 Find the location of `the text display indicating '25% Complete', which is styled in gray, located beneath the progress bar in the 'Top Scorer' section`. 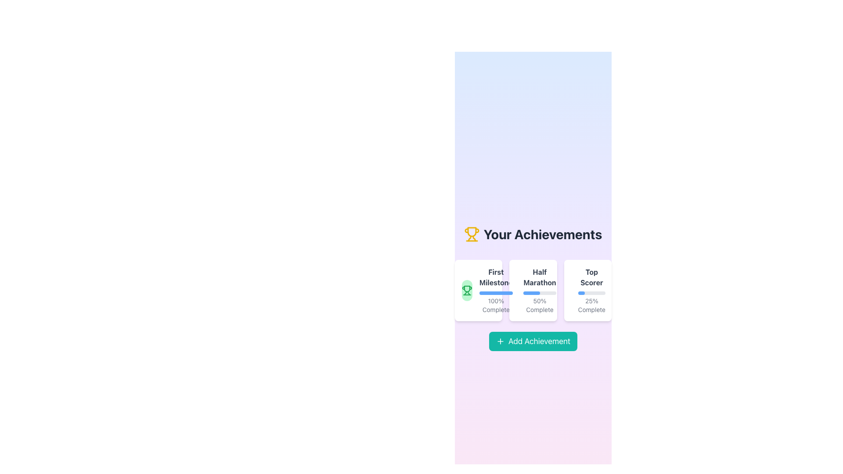

the text display indicating '25% Complete', which is styled in gray, located beneath the progress bar in the 'Top Scorer' section is located at coordinates (591, 305).